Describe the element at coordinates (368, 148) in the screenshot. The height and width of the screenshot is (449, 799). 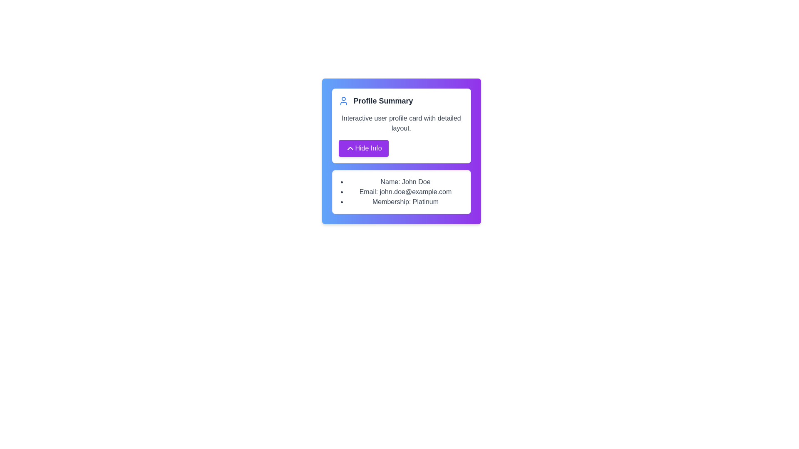
I see `text 'Hide Info' displayed in white on a purple button located below the 'Profile Summary' heading` at that location.